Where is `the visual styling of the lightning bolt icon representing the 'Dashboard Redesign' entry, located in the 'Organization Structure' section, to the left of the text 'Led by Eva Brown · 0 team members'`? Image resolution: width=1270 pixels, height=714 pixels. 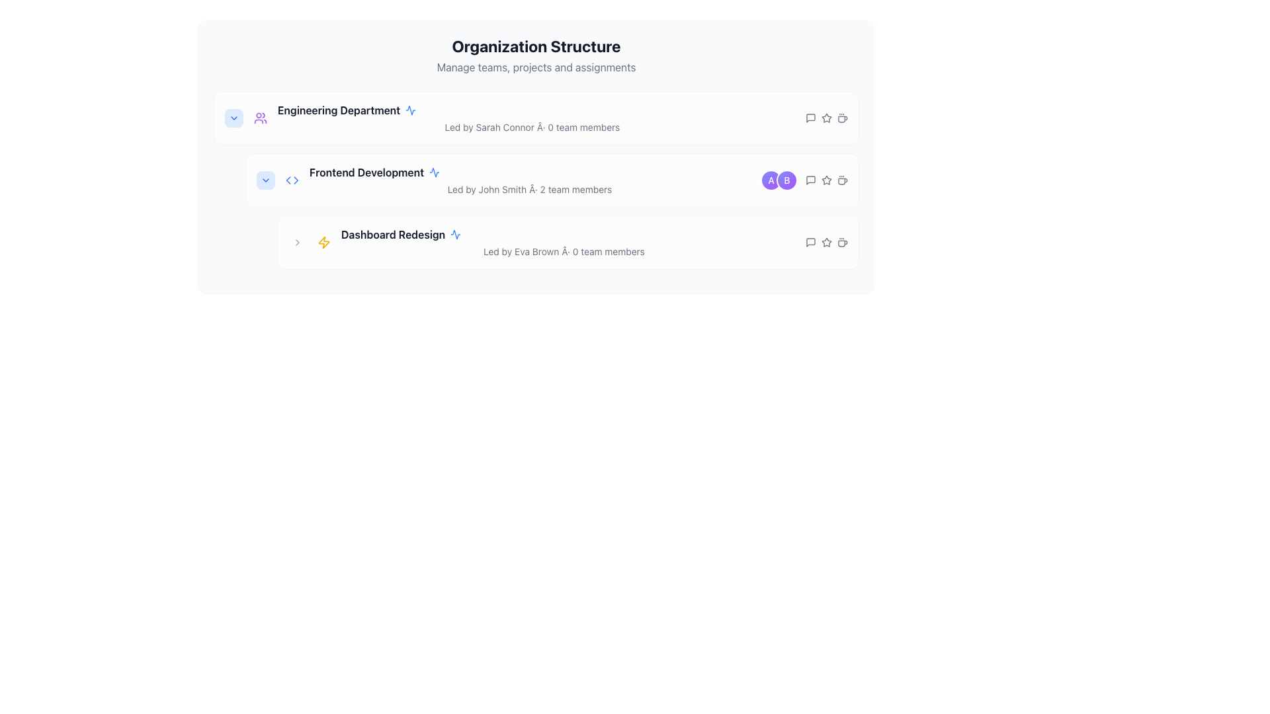
the visual styling of the lightning bolt icon representing the 'Dashboard Redesign' entry, located in the 'Organization Structure' section, to the left of the text 'Led by Eva Brown · 0 team members' is located at coordinates (323, 242).